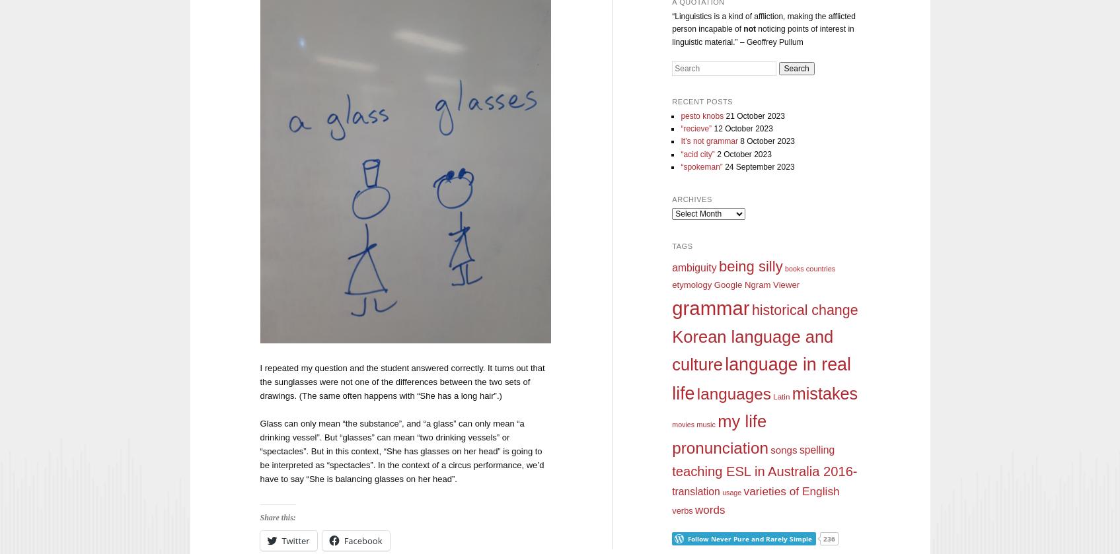 This screenshot has height=554, width=1120. I want to click on 'my life', so click(741, 419).